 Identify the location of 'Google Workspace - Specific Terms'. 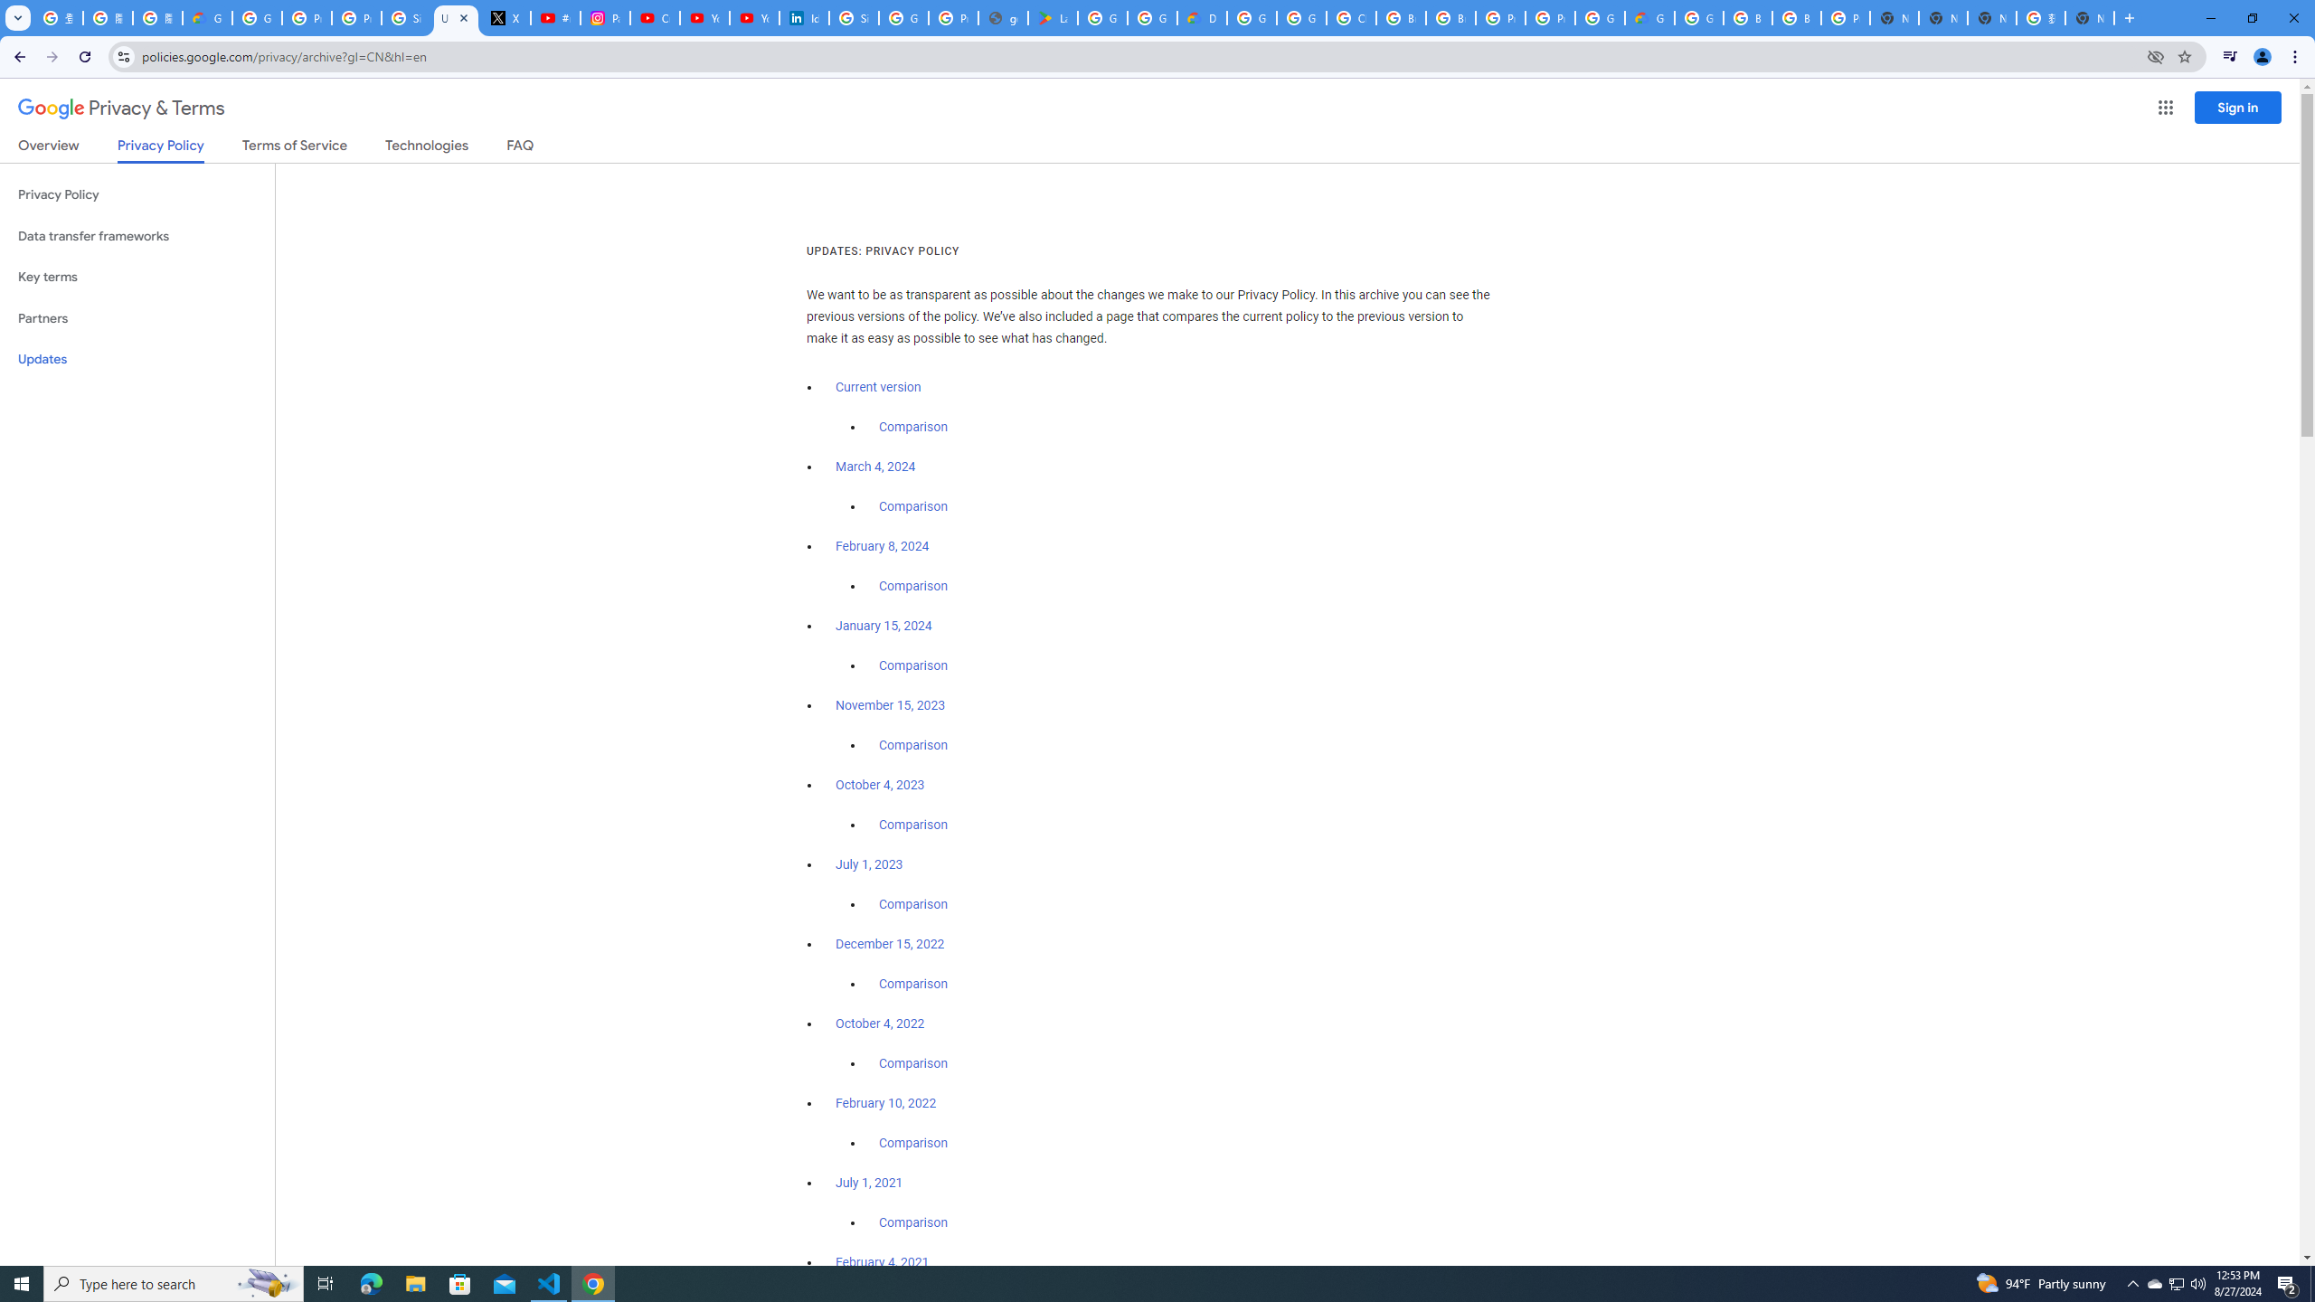
(1151, 17).